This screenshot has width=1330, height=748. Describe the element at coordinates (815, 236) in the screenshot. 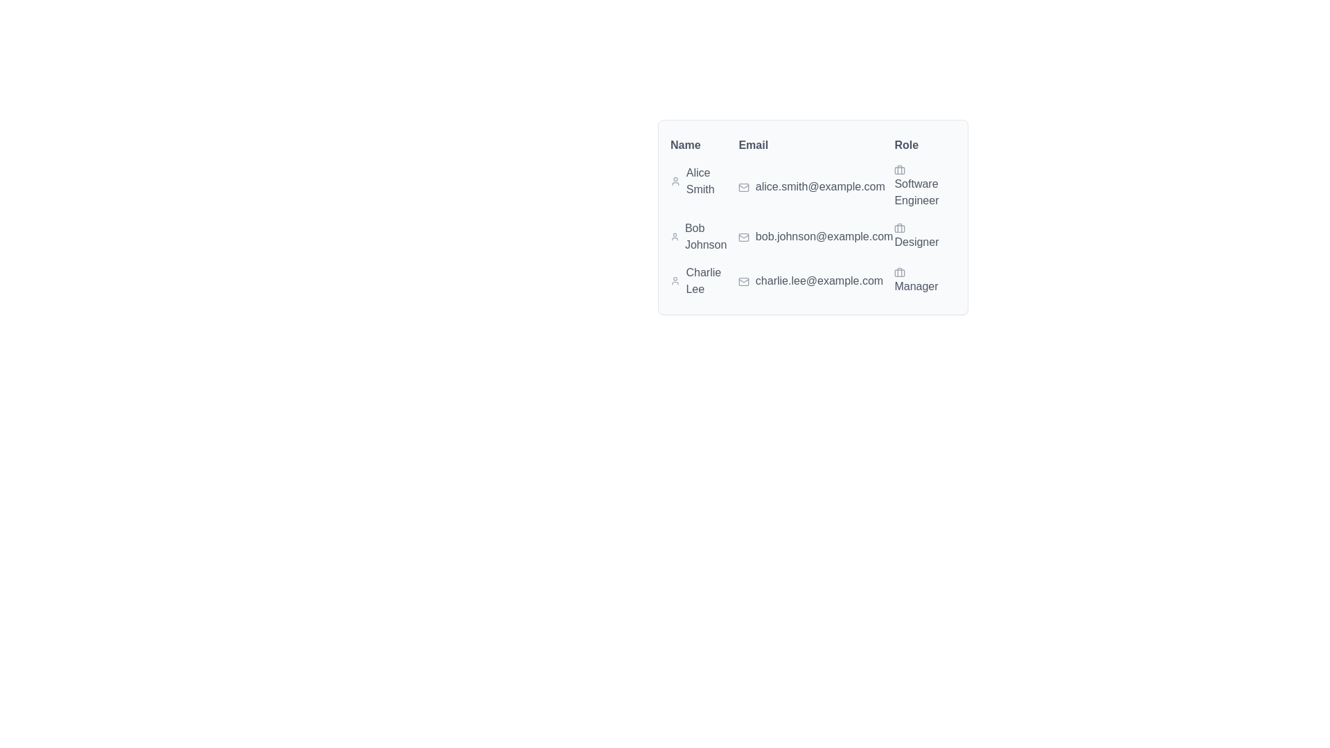

I see `the text display element that represents the email address 'bob.johnson@example.com' for the individual 'Bob Johnson' located` at that location.